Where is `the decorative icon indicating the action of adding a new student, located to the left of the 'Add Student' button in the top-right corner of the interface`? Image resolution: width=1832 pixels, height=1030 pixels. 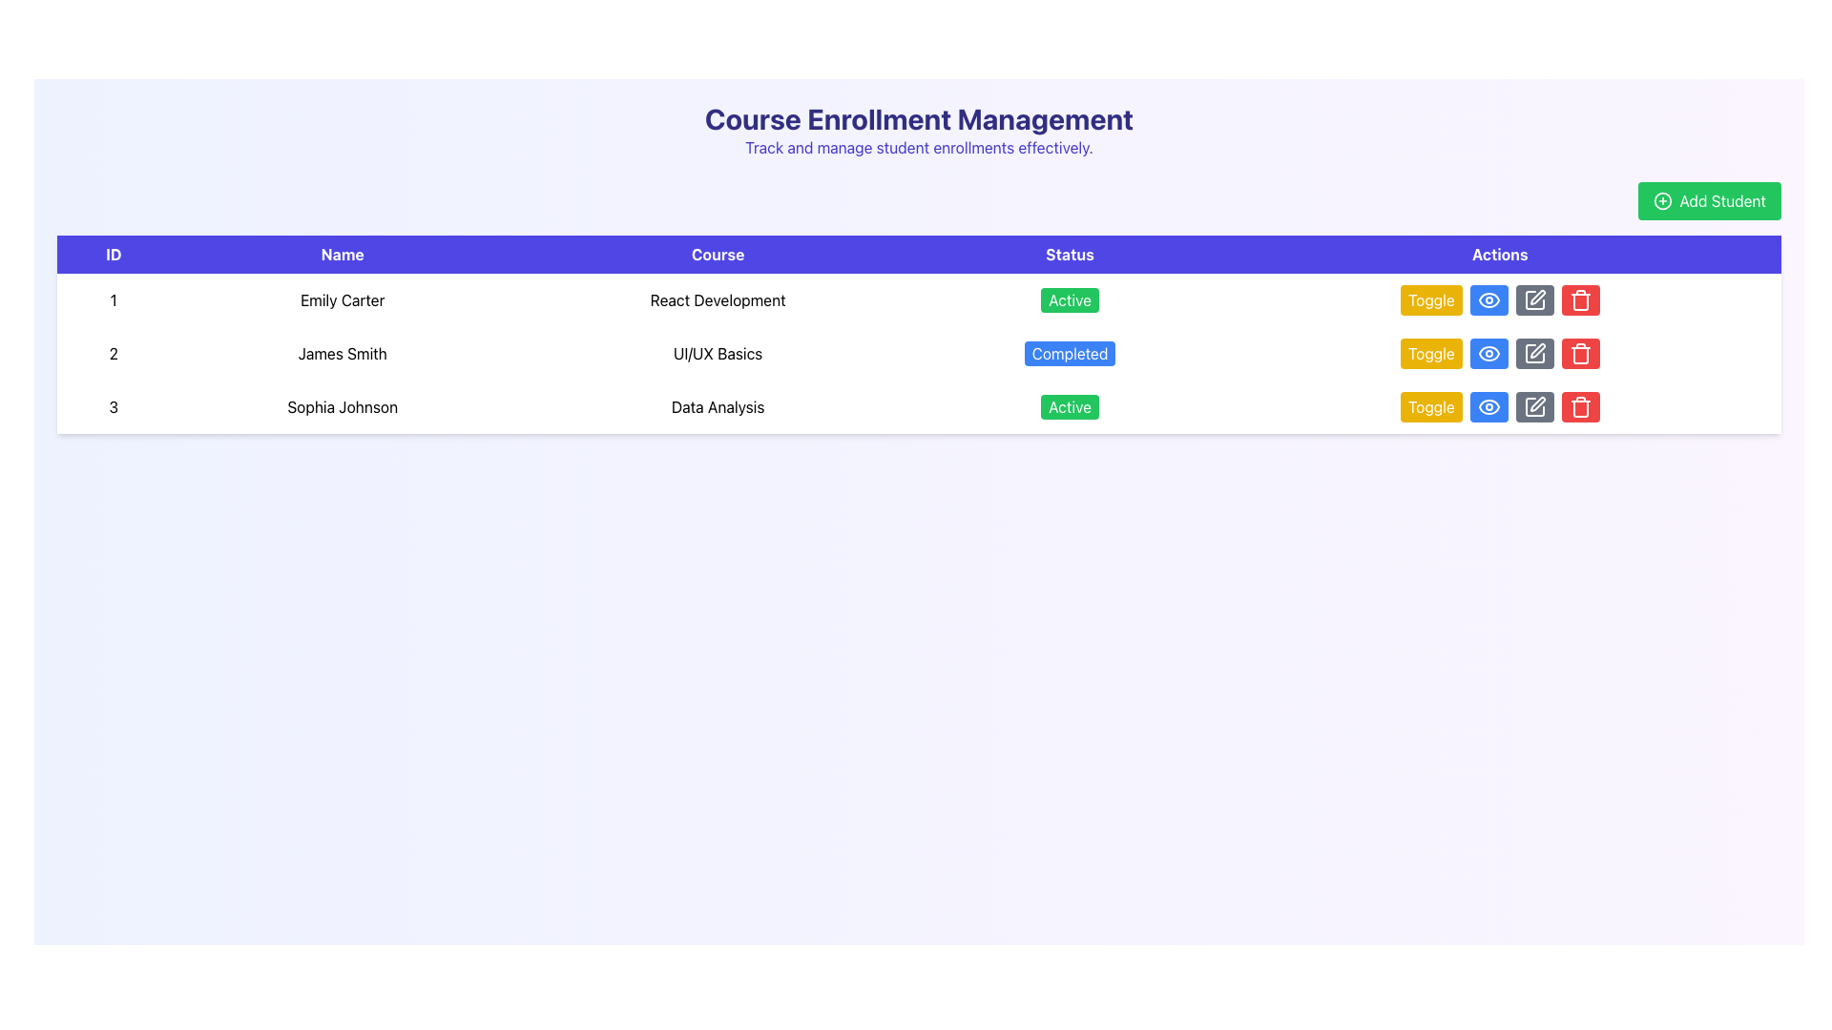
the decorative icon indicating the action of adding a new student, located to the left of the 'Add Student' button in the top-right corner of the interface is located at coordinates (1661, 201).